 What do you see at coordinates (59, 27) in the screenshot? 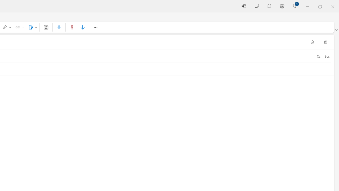
I see `'Dictate'` at bounding box center [59, 27].